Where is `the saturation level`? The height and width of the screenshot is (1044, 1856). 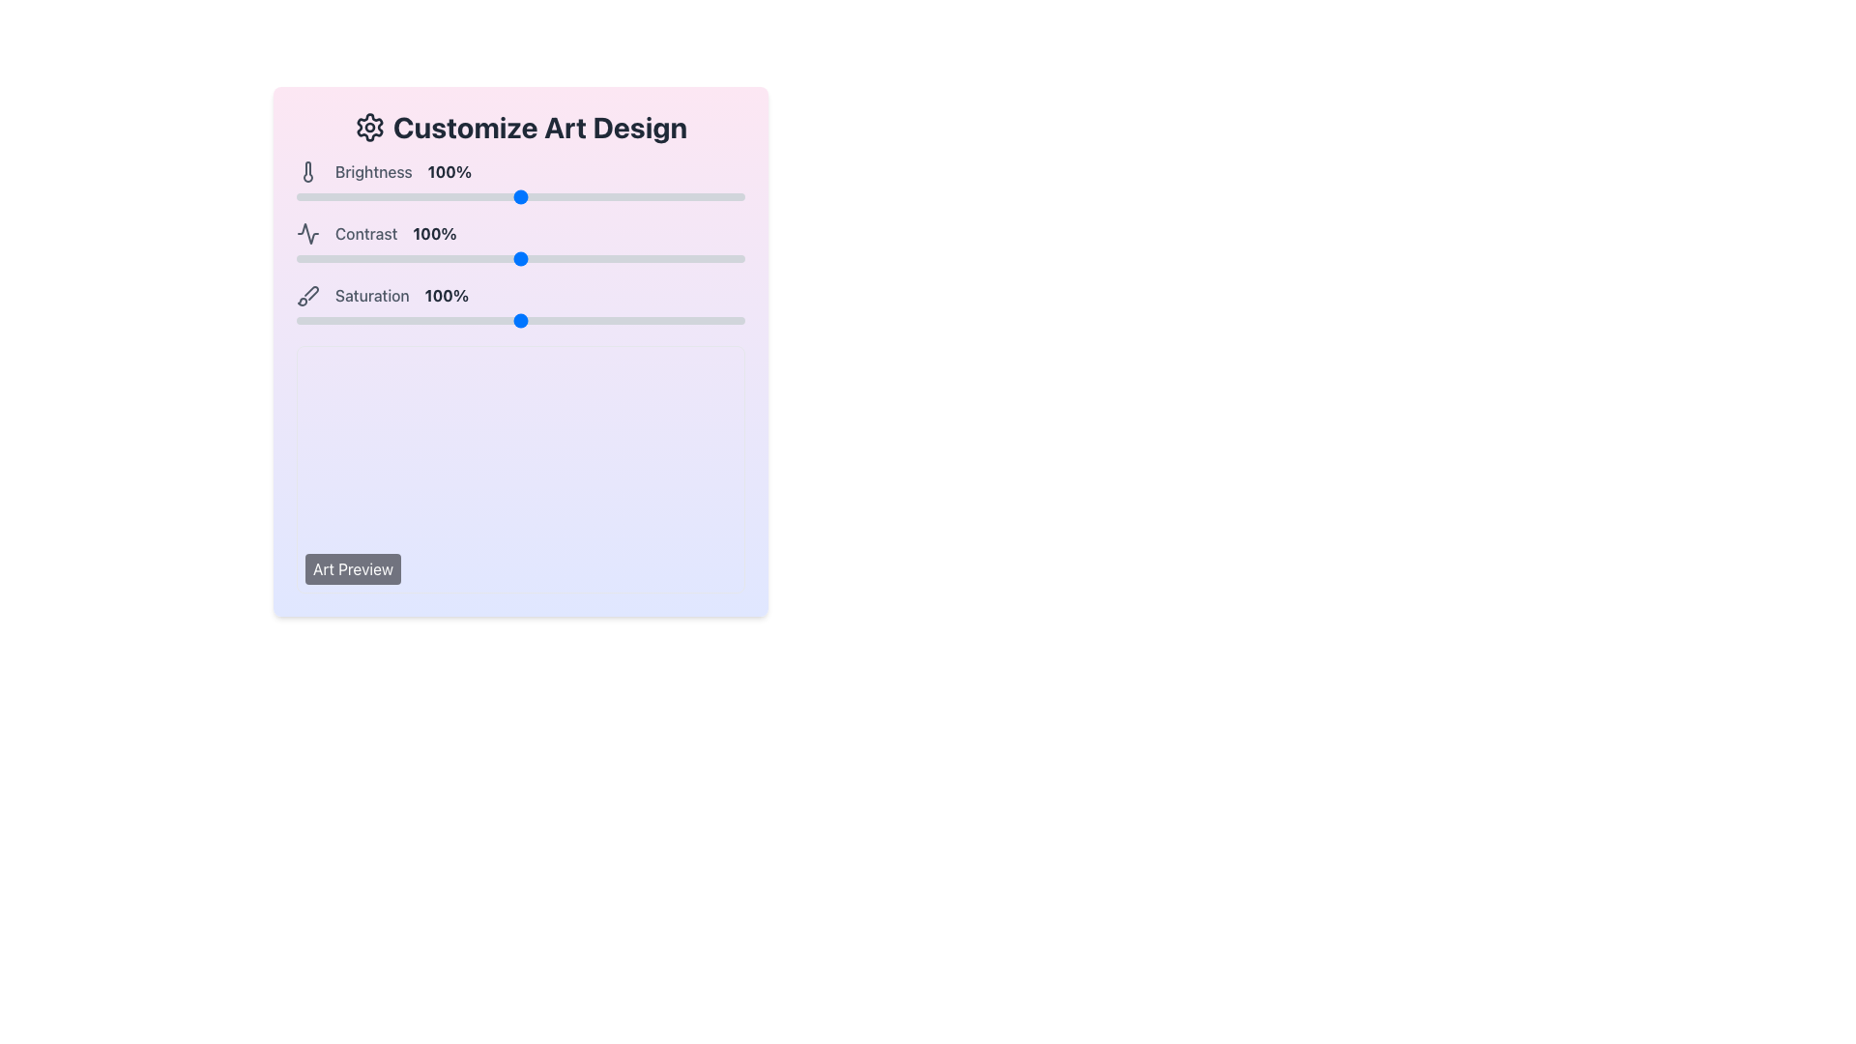 the saturation level is located at coordinates (609, 319).